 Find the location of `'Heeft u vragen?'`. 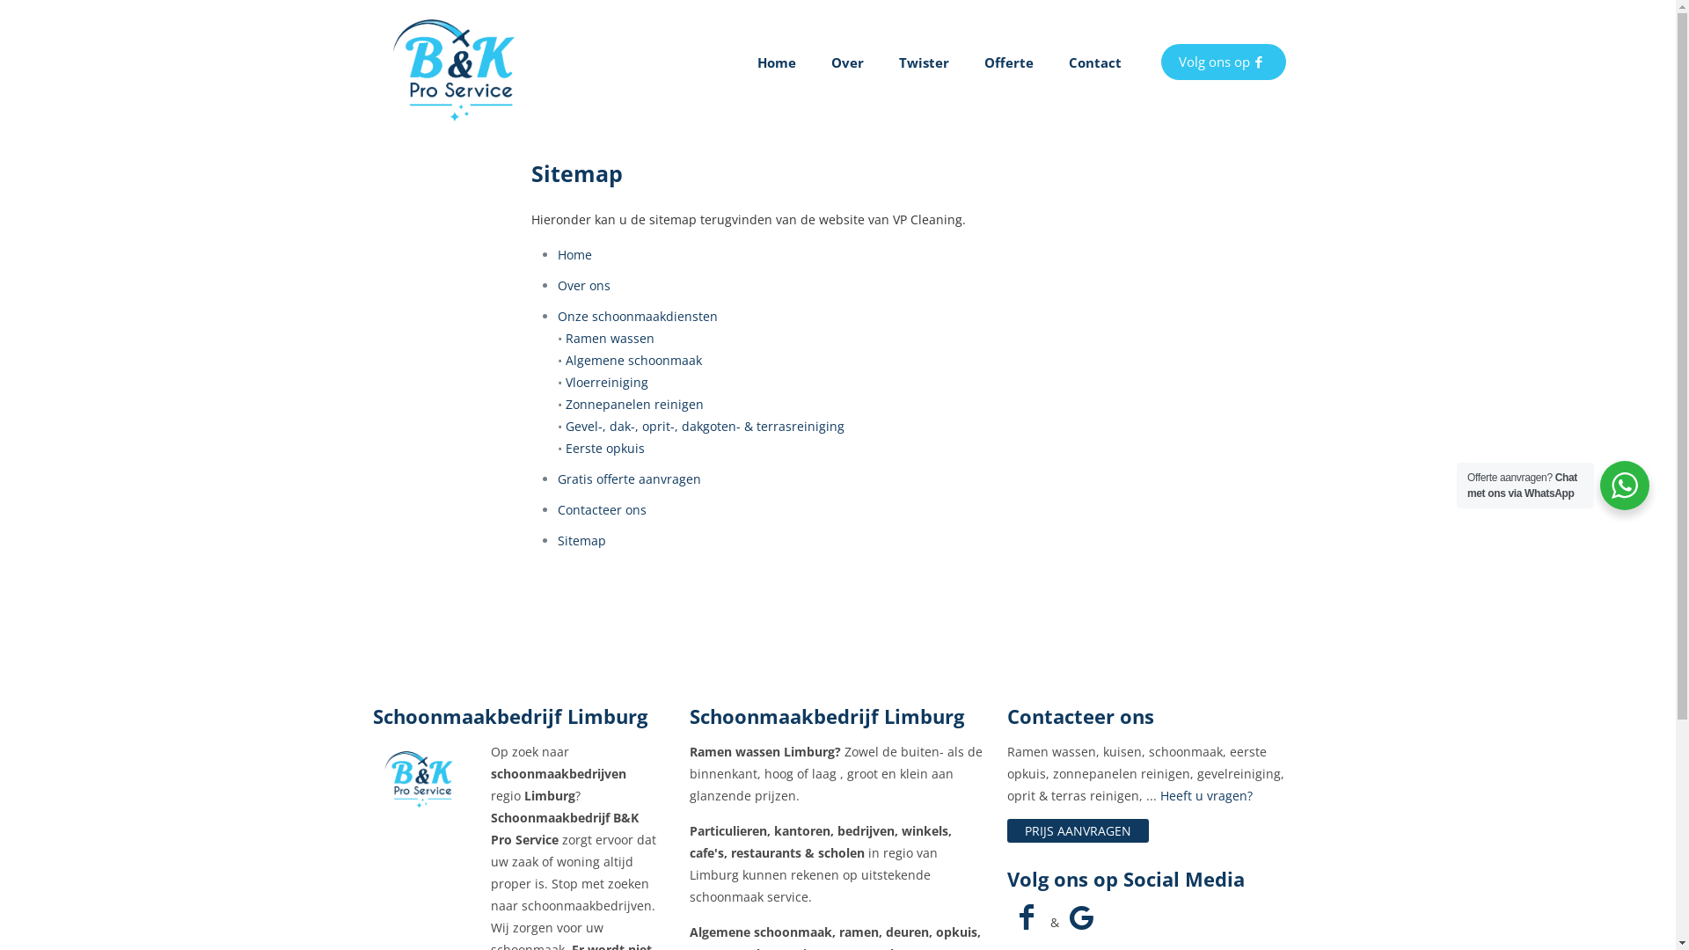

'Heeft u vragen?' is located at coordinates (1205, 795).